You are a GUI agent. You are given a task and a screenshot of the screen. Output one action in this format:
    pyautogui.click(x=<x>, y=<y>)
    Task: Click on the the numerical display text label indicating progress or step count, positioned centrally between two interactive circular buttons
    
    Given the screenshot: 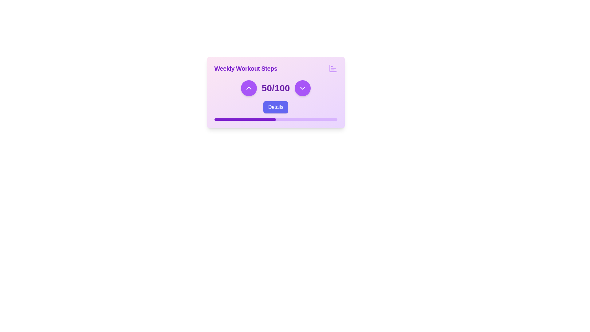 What is the action you would take?
    pyautogui.click(x=275, y=88)
    